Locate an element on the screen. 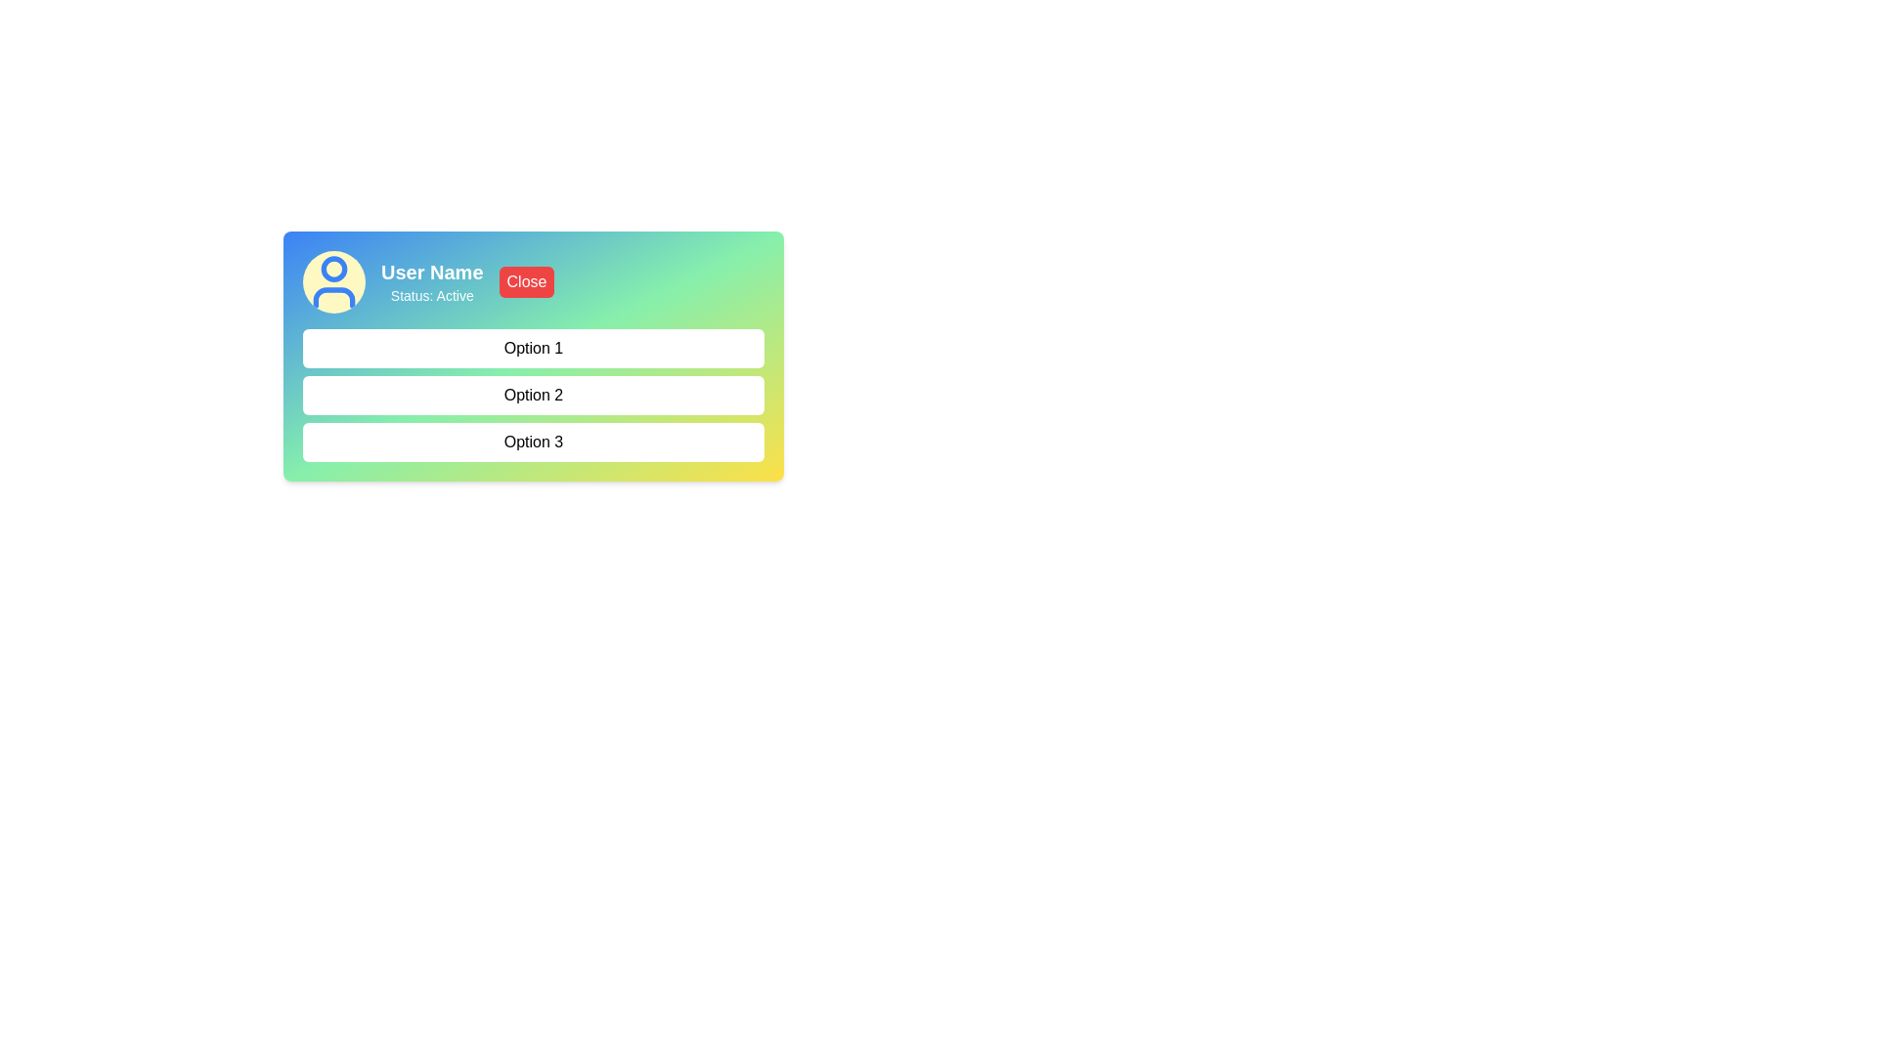 The image size is (1877, 1055). the static text label reading 'Status: Active', which is positioned below and slightly to the right of 'User Name' is located at coordinates (431, 296).